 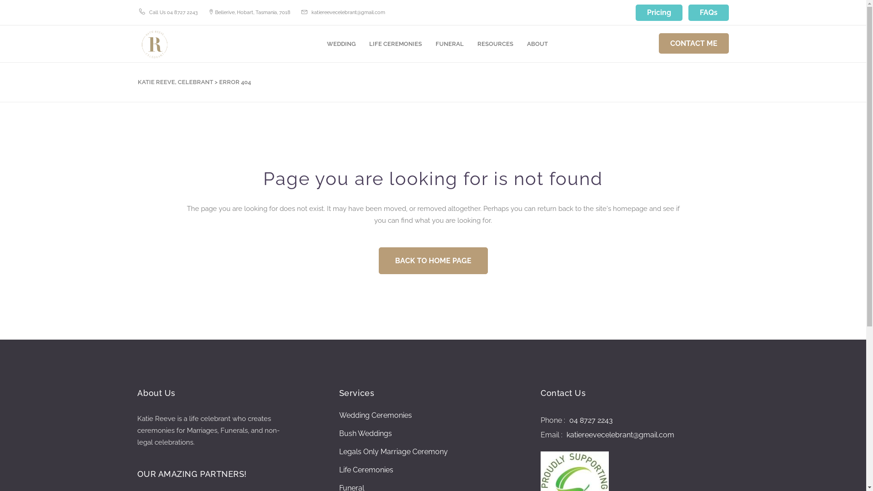 I want to click on 'Wedding Ceremonies', so click(x=375, y=416).